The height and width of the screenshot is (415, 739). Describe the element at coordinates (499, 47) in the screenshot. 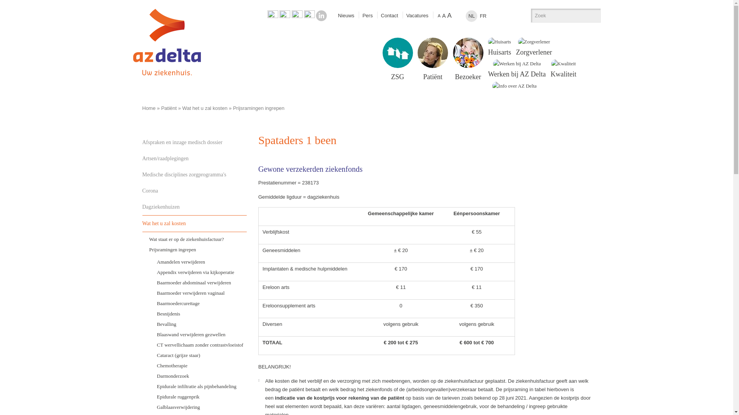

I see `'Huisarts'` at that location.